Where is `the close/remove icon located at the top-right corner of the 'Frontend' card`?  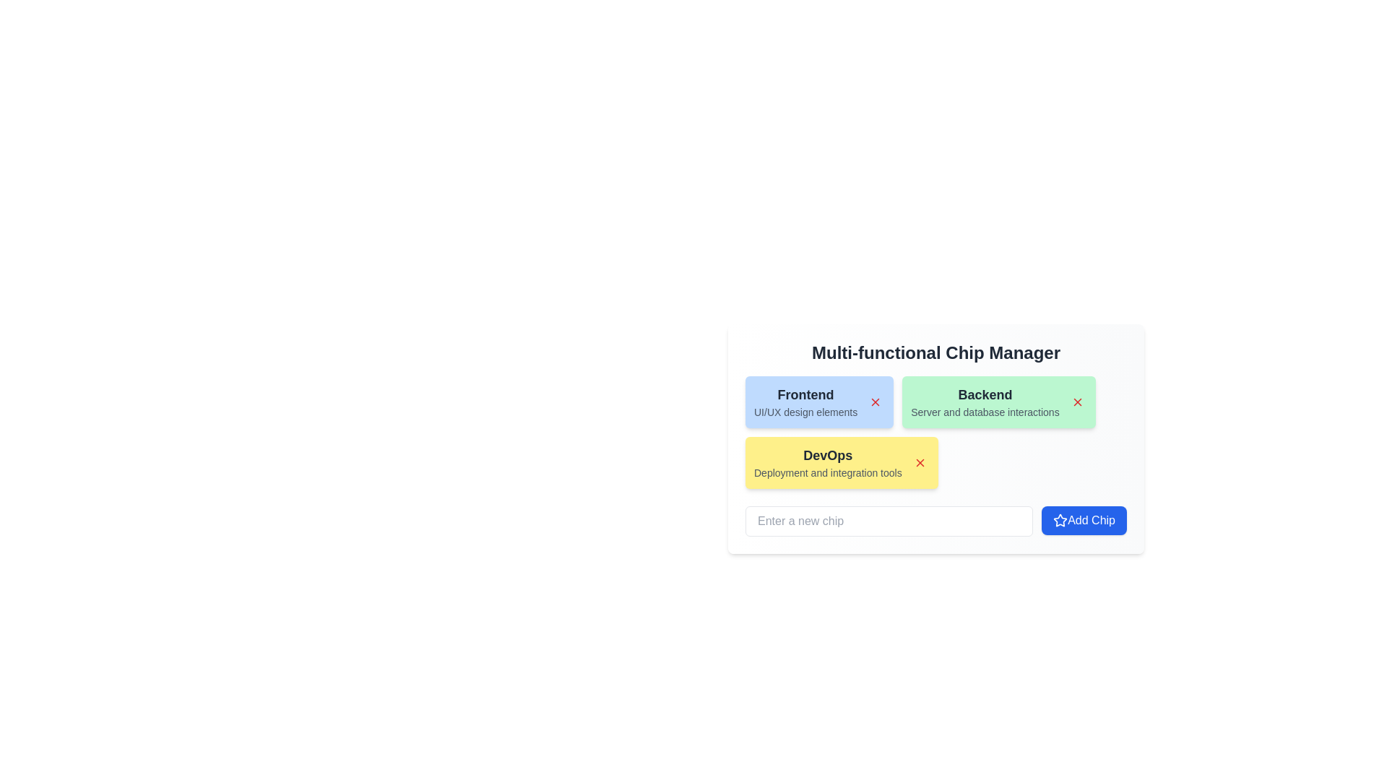
the close/remove icon located at the top-right corner of the 'Frontend' card is located at coordinates (875, 402).